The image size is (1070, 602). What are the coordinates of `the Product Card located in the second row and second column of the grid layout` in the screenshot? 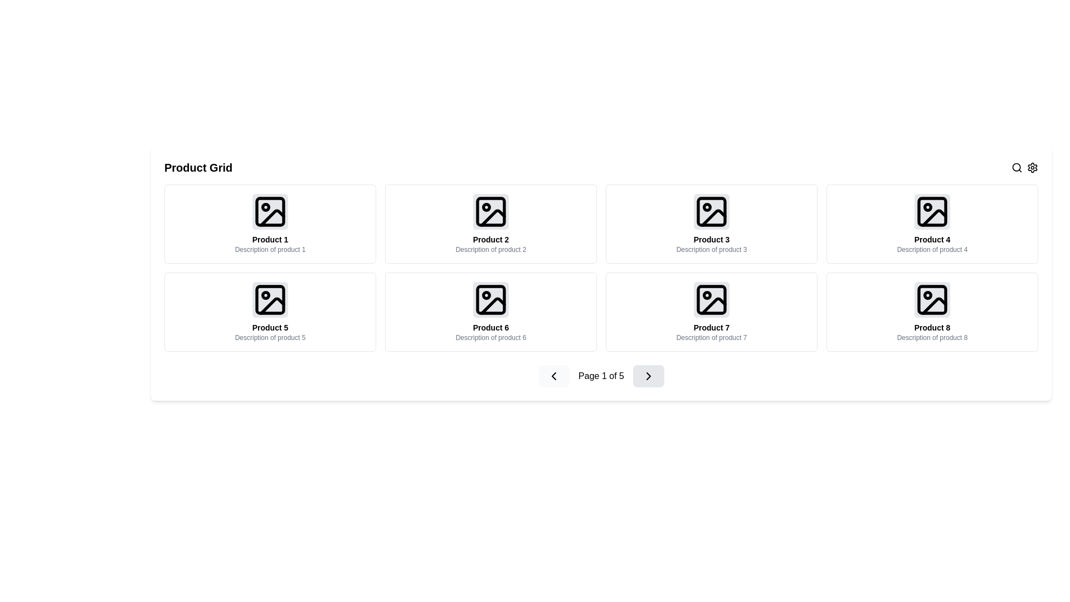 It's located at (490, 312).